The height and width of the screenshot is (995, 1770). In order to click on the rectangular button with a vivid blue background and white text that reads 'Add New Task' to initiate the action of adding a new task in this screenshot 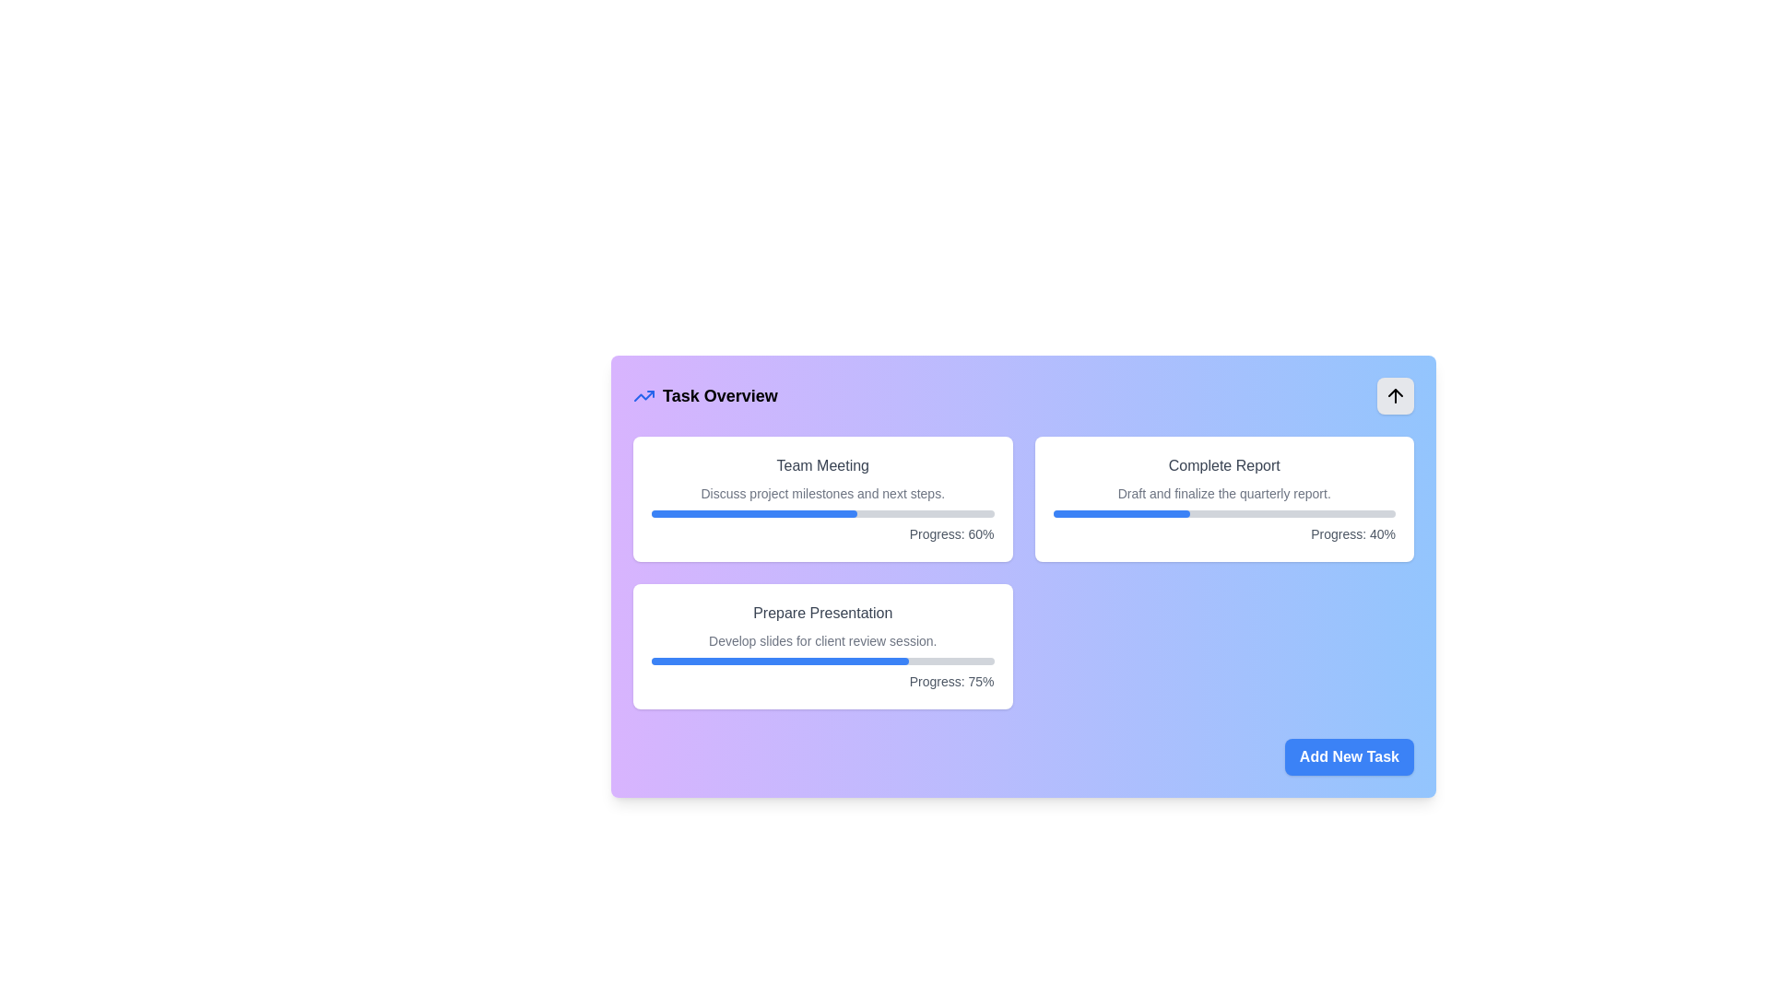, I will do `click(1350, 756)`.